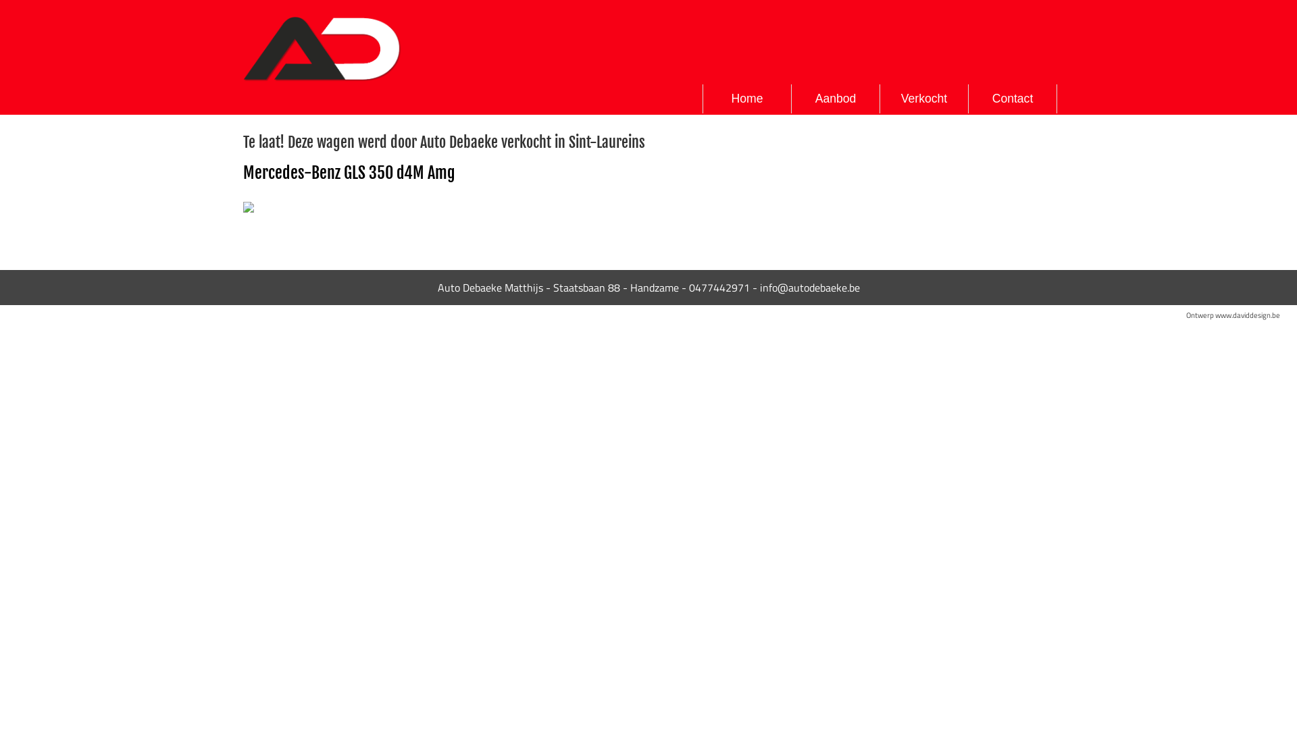 This screenshot has height=729, width=1297. What do you see at coordinates (880, 98) in the screenshot?
I see `'Verkocht'` at bounding box center [880, 98].